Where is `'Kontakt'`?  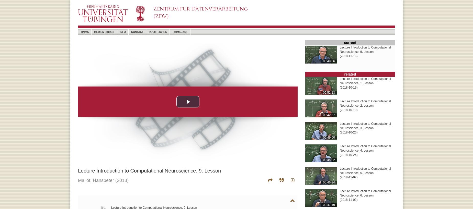 'Kontakt' is located at coordinates (137, 32).